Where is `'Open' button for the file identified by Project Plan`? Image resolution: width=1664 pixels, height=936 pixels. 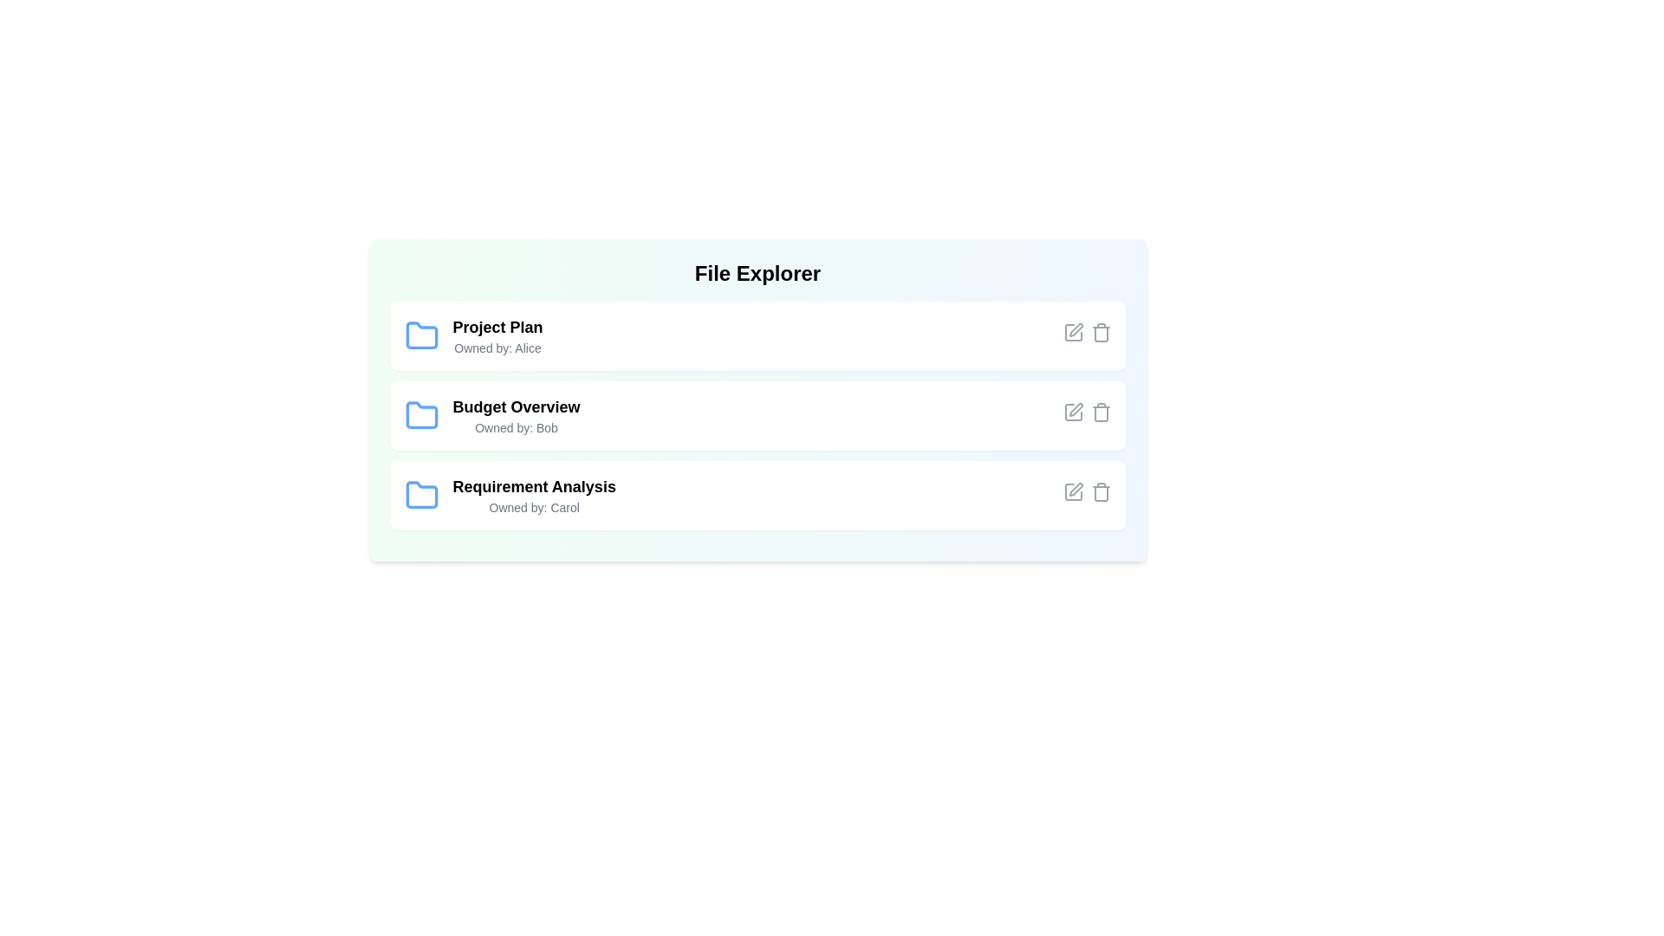 'Open' button for the file identified by Project Plan is located at coordinates (1021, 336).